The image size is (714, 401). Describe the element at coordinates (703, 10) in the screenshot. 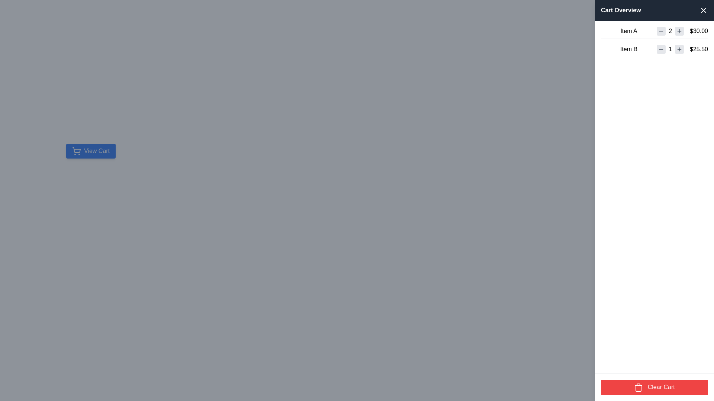

I see `the 'X' icon located at the top-right corner of the cart summary panel` at that location.